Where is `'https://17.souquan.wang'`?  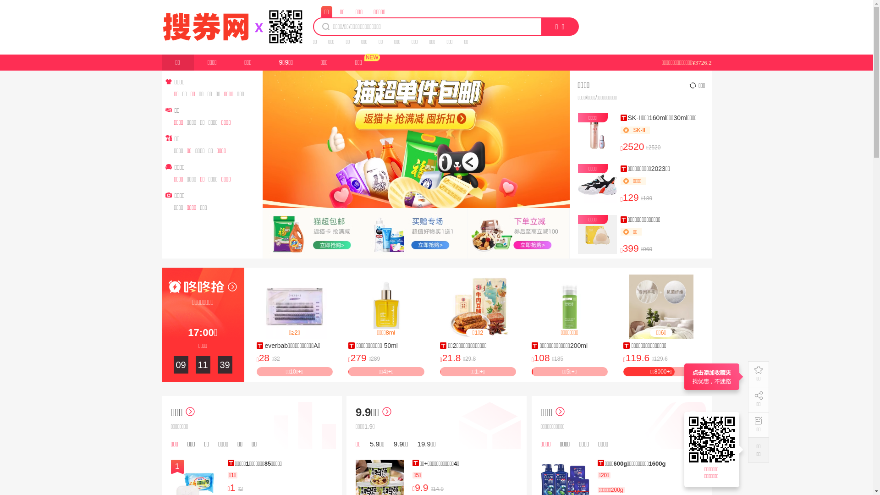
'https://17.souquan.wang' is located at coordinates (688, 439).